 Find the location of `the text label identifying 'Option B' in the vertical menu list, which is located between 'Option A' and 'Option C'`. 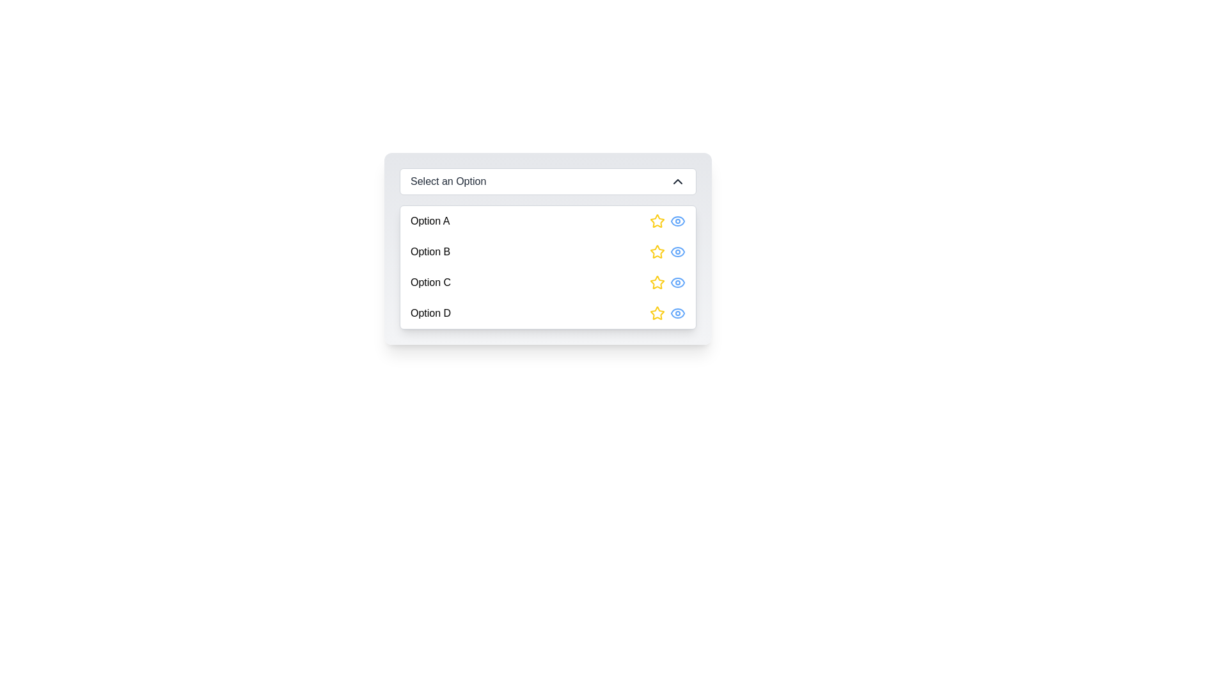

the text label identifying 'Option B' in the vertical menu list, which is located between 'Option A' and 'Option C' is located at coordinates (430, 251).